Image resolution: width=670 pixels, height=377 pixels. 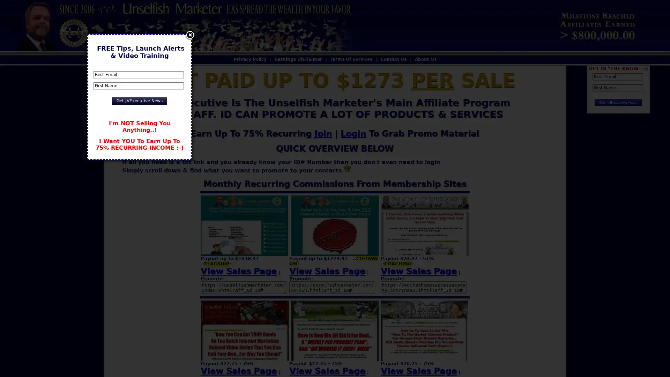 What do you see at coordinates (139, 101) in the screenshot?
I see `Get JVExecutive News` at bounding box center [139, 101].